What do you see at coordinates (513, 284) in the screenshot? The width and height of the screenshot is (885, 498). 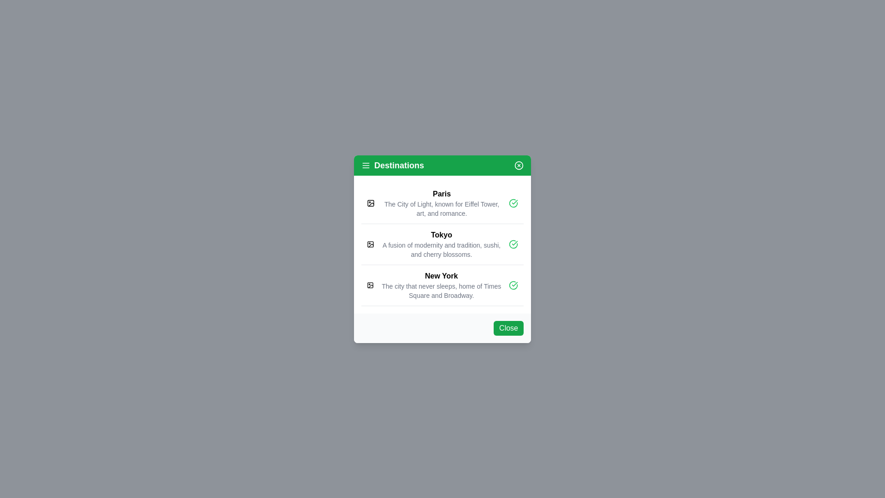 I see `the green circular icon with a checkmark located at the far right of the third list item under 'Destinations'` at bounding box center [513, 284].